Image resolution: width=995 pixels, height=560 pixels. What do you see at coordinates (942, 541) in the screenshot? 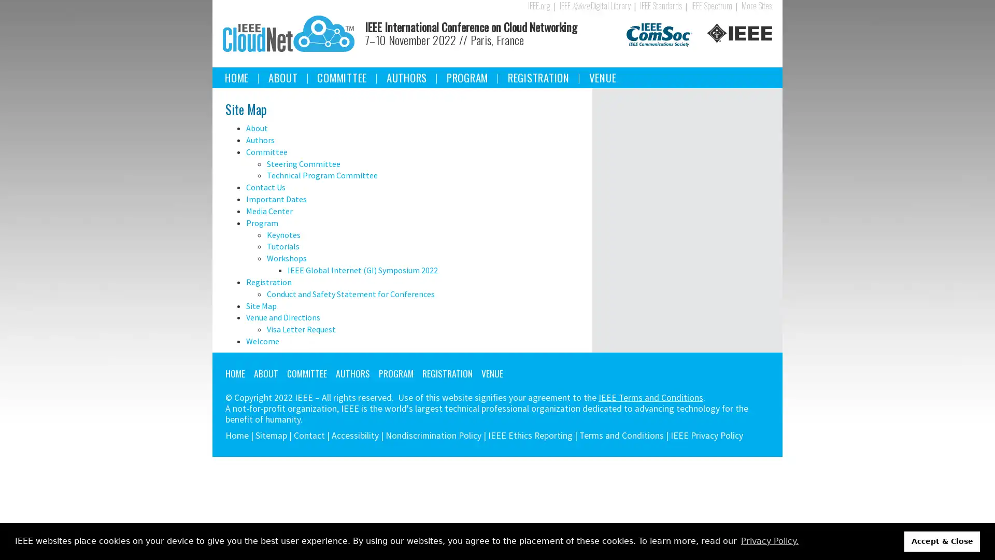
I see `dismiss cookie message` at bounding box center [942, 541].